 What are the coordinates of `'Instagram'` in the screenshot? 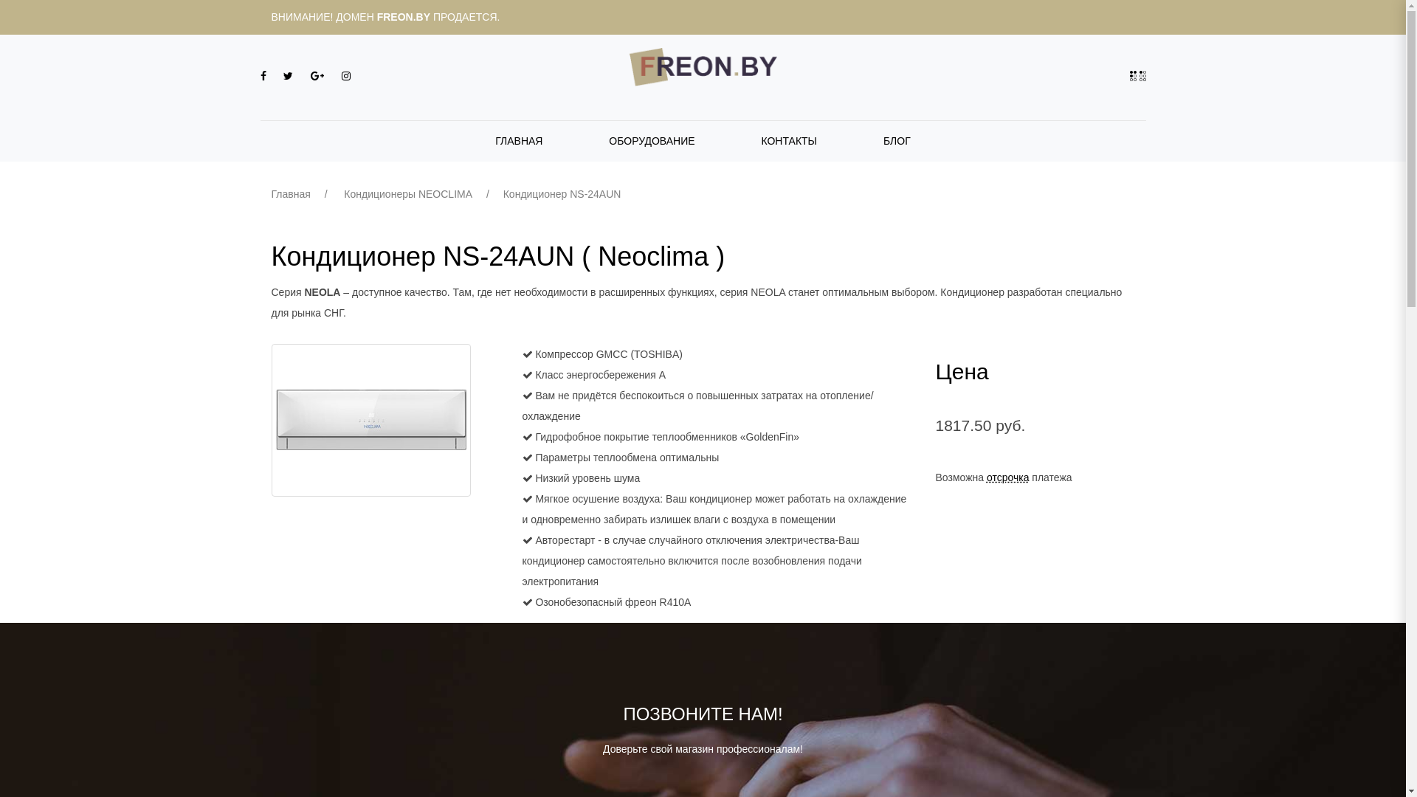 It's located at (345, 76).